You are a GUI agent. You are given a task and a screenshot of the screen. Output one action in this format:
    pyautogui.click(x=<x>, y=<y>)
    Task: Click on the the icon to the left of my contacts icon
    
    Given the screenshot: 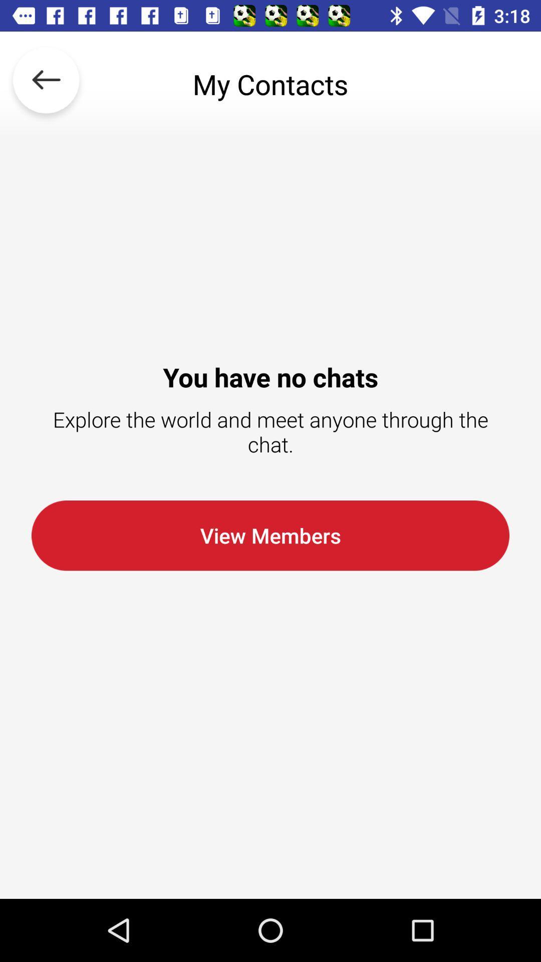 What is the action you would take?
    pyautogui.click(x=46, y=84)
    